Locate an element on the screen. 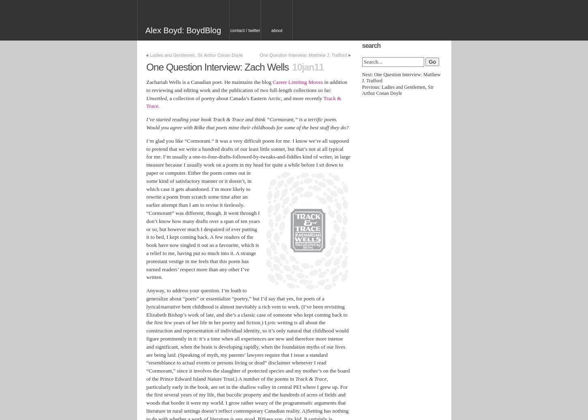 The image size is (588, 420). ', a collection of poetry about Canada’s Eastern Arctic, and more recently' is located at coordinates (245, 98).